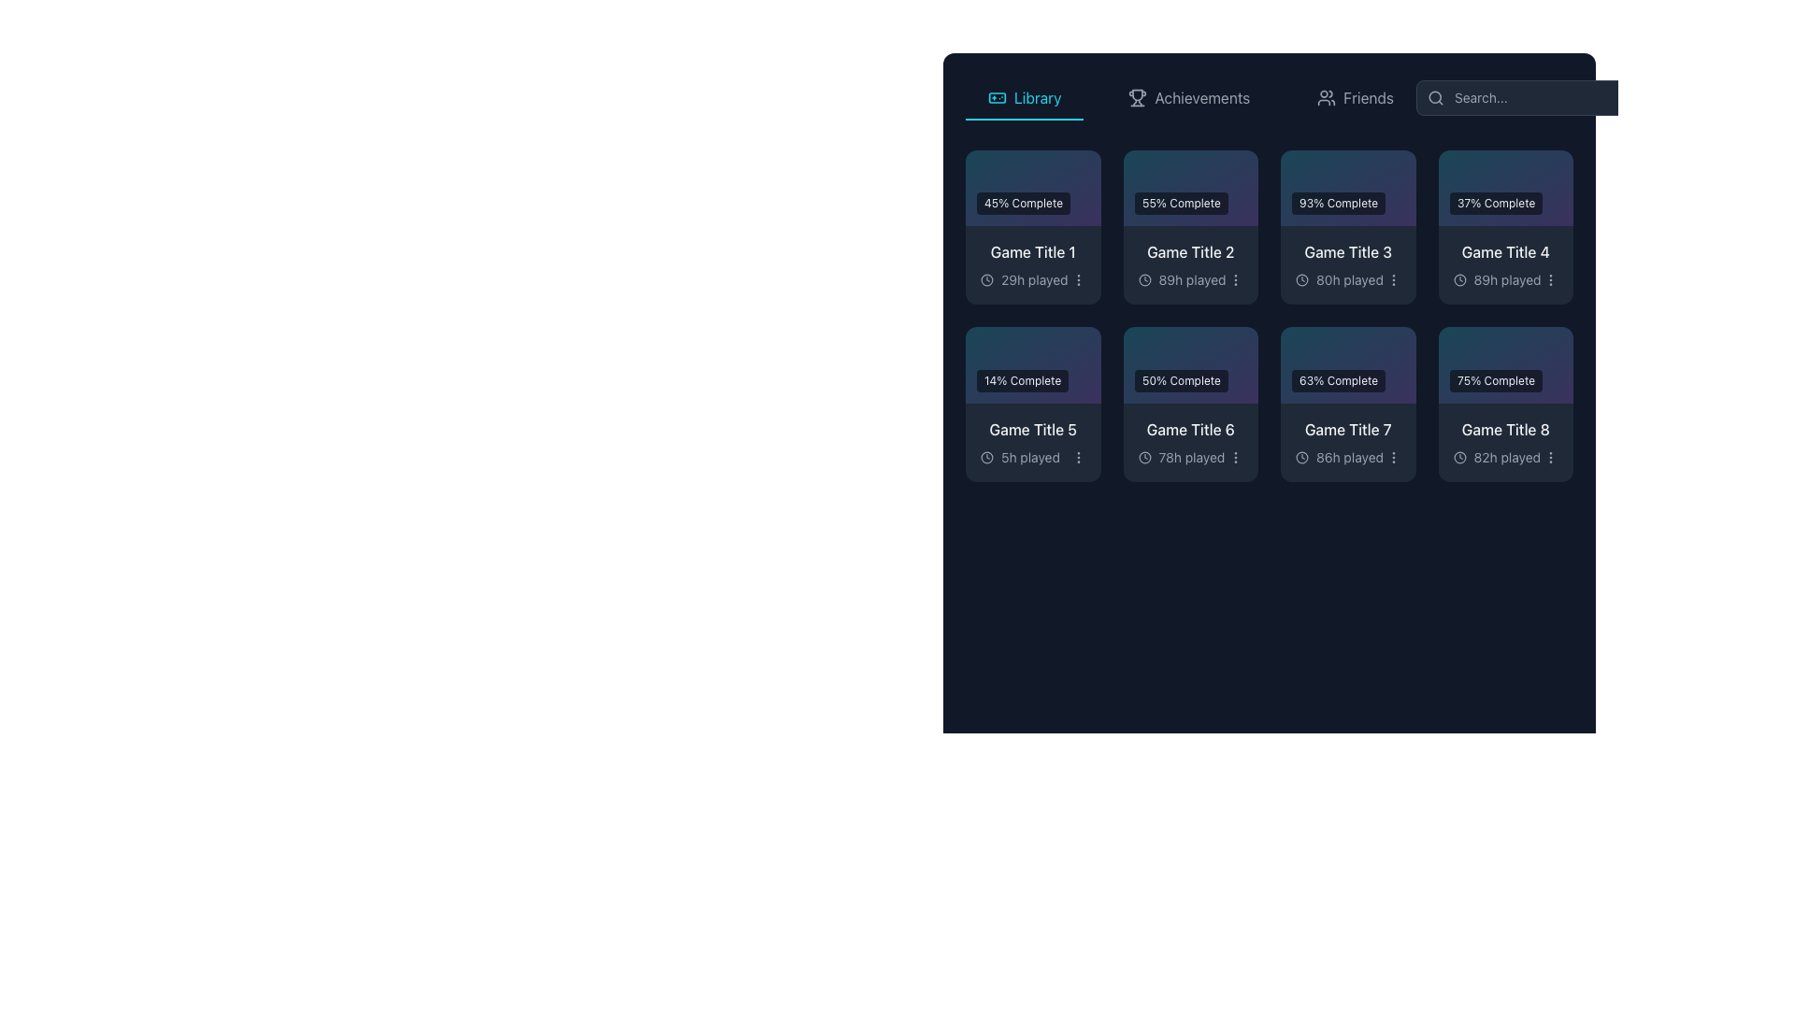 This screenshot has height=1009, width=1795. Describe the element at coordinates (1037, 97) in the screenshot. I see `the navigational label text element located in the top-left area of the interface` at that location.